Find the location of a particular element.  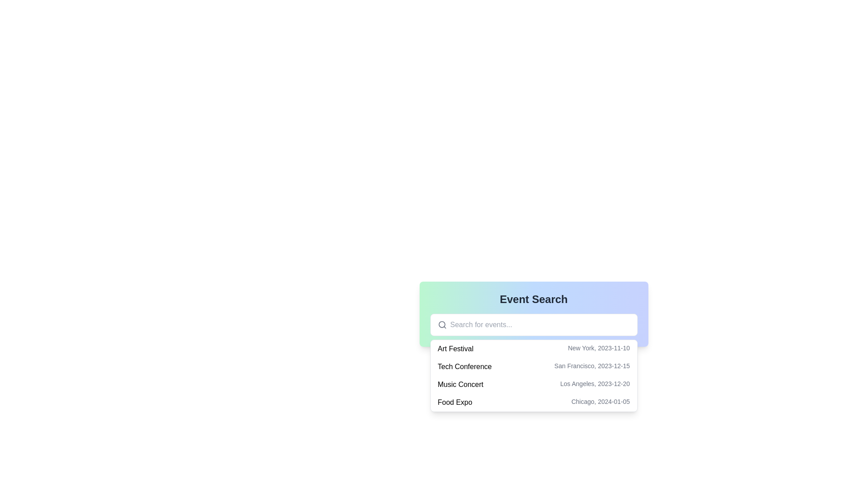

the textual component displaying 'San Francisco, 2023-12-15', which is positioned below the heading 'Event Search' and to the right of 'Tech Conference' is located at coordinates (592, 366).